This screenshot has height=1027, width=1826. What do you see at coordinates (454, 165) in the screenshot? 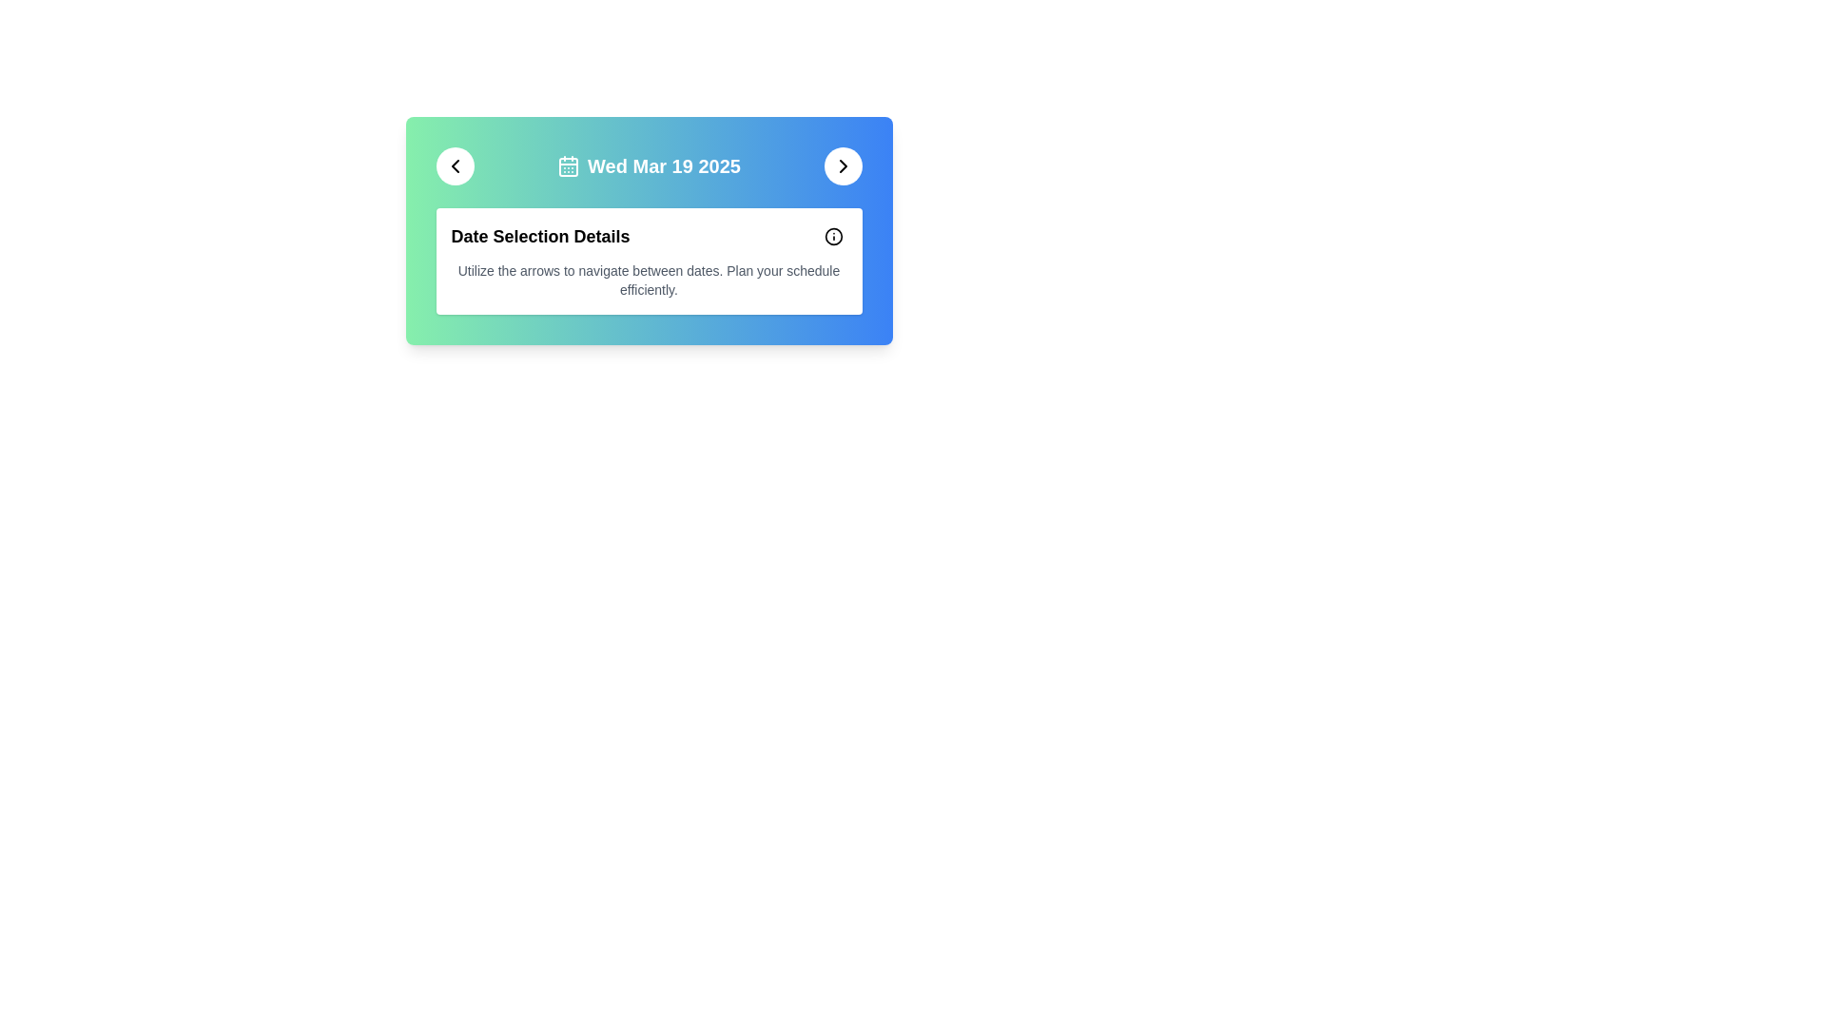
I see `the left-pointing chevron icon, which is located within a circular button on the left end of a horizontal gradient bar, to trigger the tooltip or visual feedback` at bounding box center [454, 165].